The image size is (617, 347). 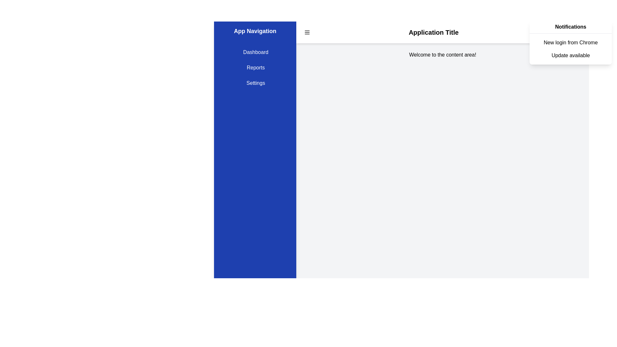 I want to click on the 'Reports' navigation item in the sidebar menu, so click(x=255, y=68).